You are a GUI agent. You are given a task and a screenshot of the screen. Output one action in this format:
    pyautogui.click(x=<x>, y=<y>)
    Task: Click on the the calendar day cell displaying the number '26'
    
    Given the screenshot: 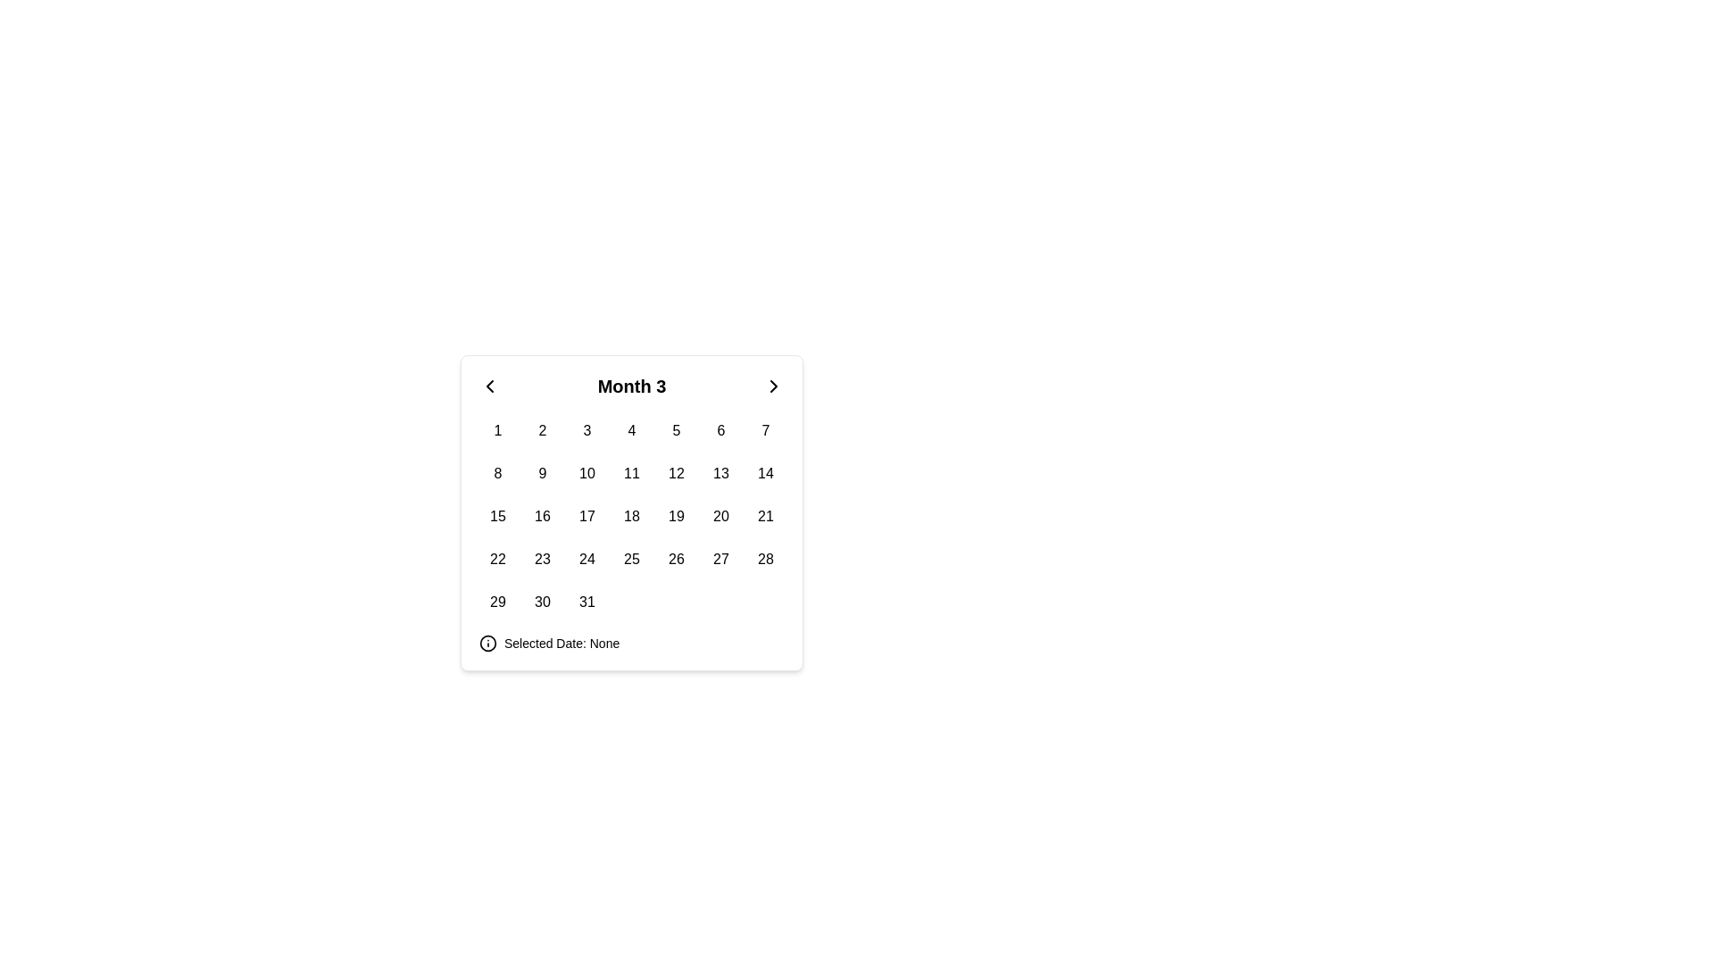 What is the action you would take?
    pyautogui.click(x=676, y=559)
    